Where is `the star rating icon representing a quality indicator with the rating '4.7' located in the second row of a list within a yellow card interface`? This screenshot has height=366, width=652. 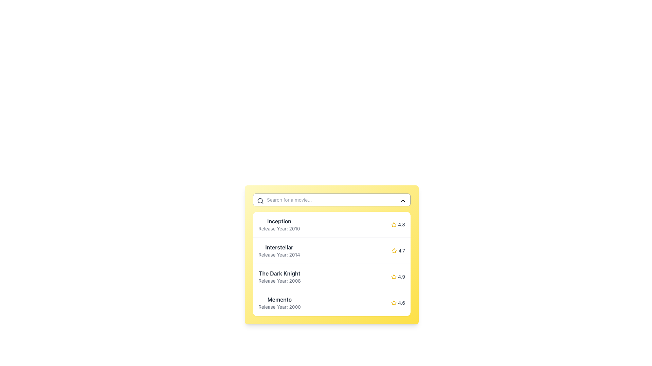
the star rating icon representing a quality indicator with the rating '4.7' located in the second row of a list within a yellow card interface is located at coordinates (394, 251).